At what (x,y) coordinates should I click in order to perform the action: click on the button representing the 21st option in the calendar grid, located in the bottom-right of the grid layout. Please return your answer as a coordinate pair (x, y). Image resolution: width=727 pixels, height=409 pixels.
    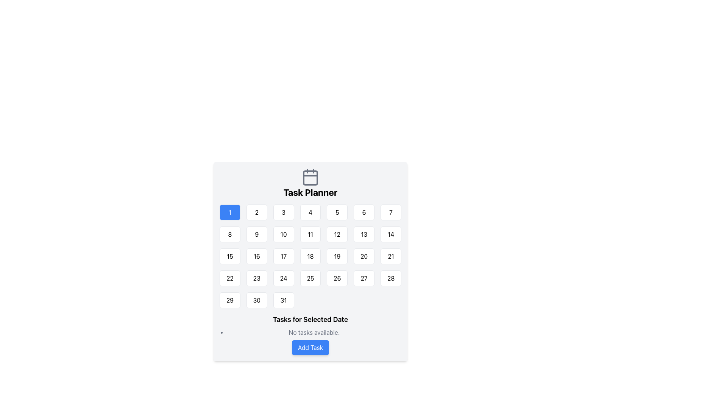
    Looking at the image, I should click on (391, 256).